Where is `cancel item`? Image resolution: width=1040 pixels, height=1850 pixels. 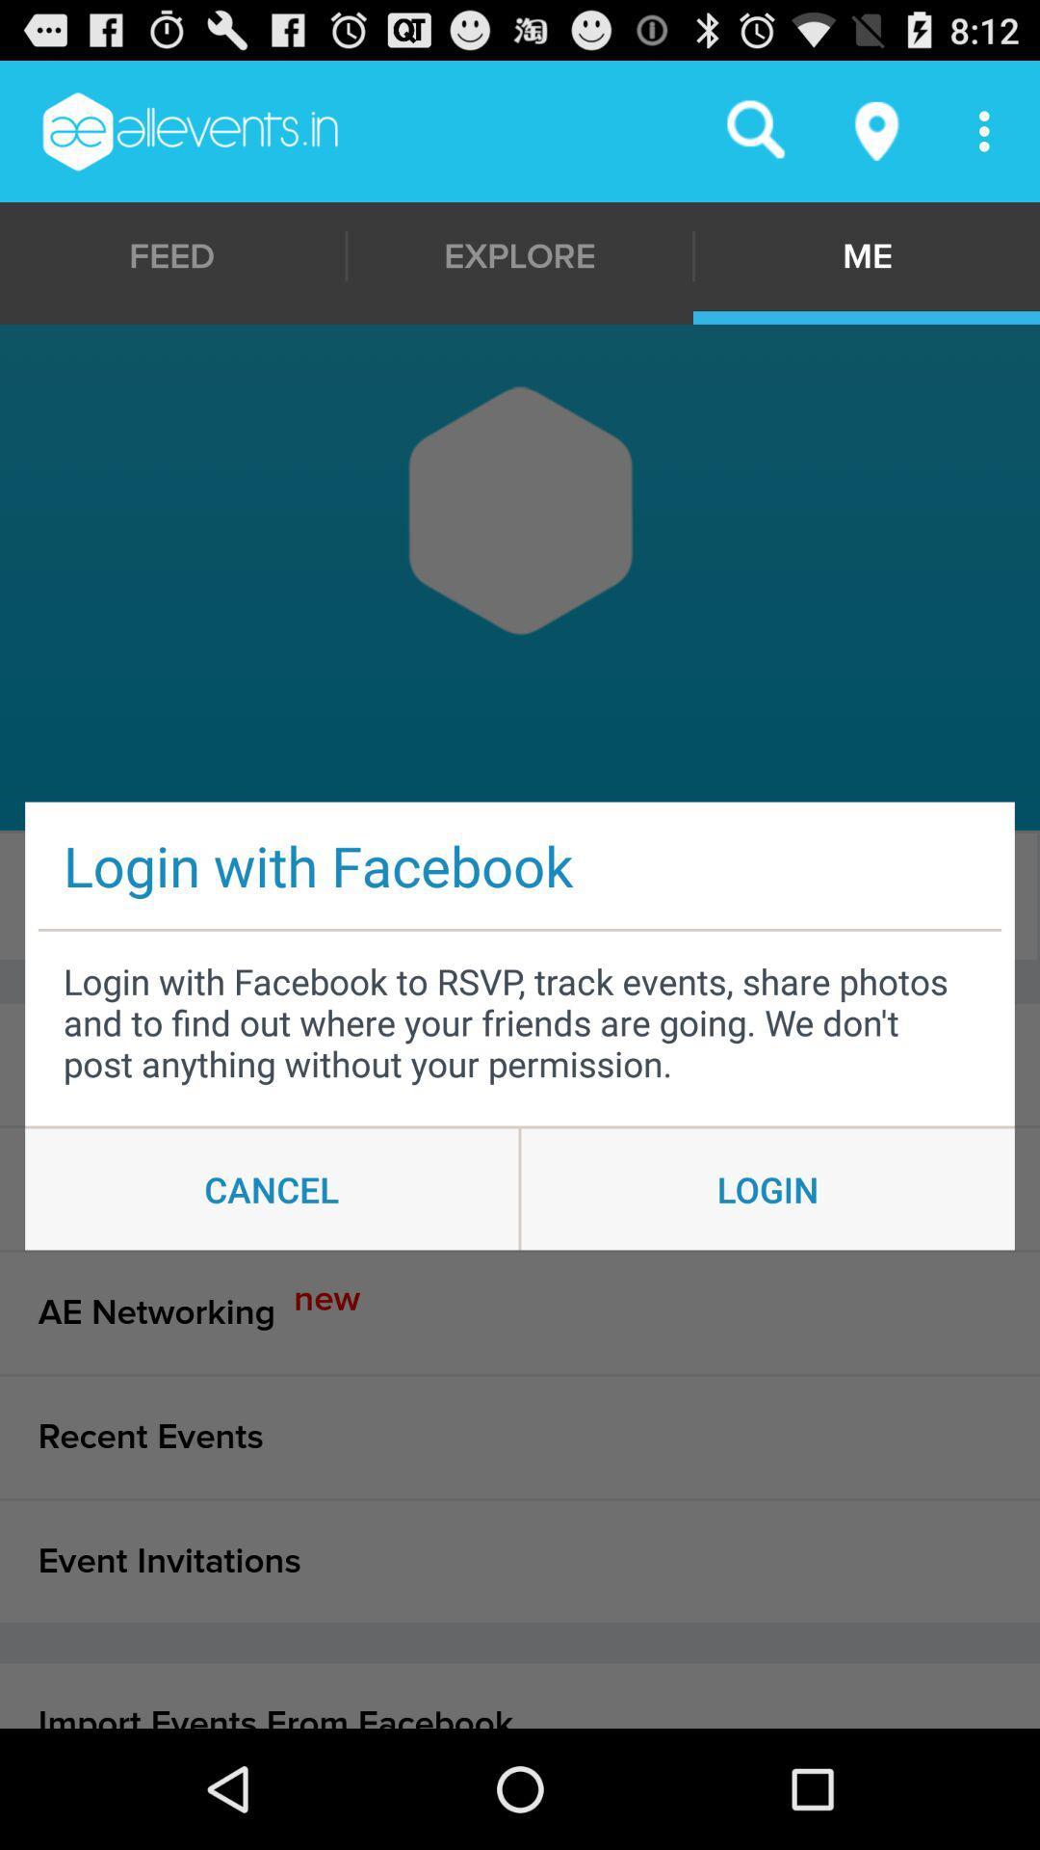 cancel item is located at coordinates (272, 1188).